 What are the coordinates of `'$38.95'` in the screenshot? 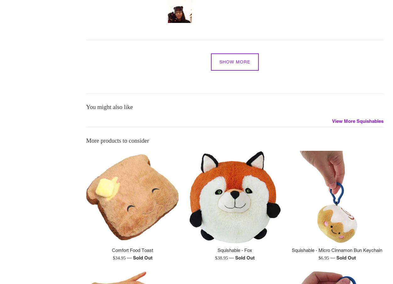 It's located at (215, 258).